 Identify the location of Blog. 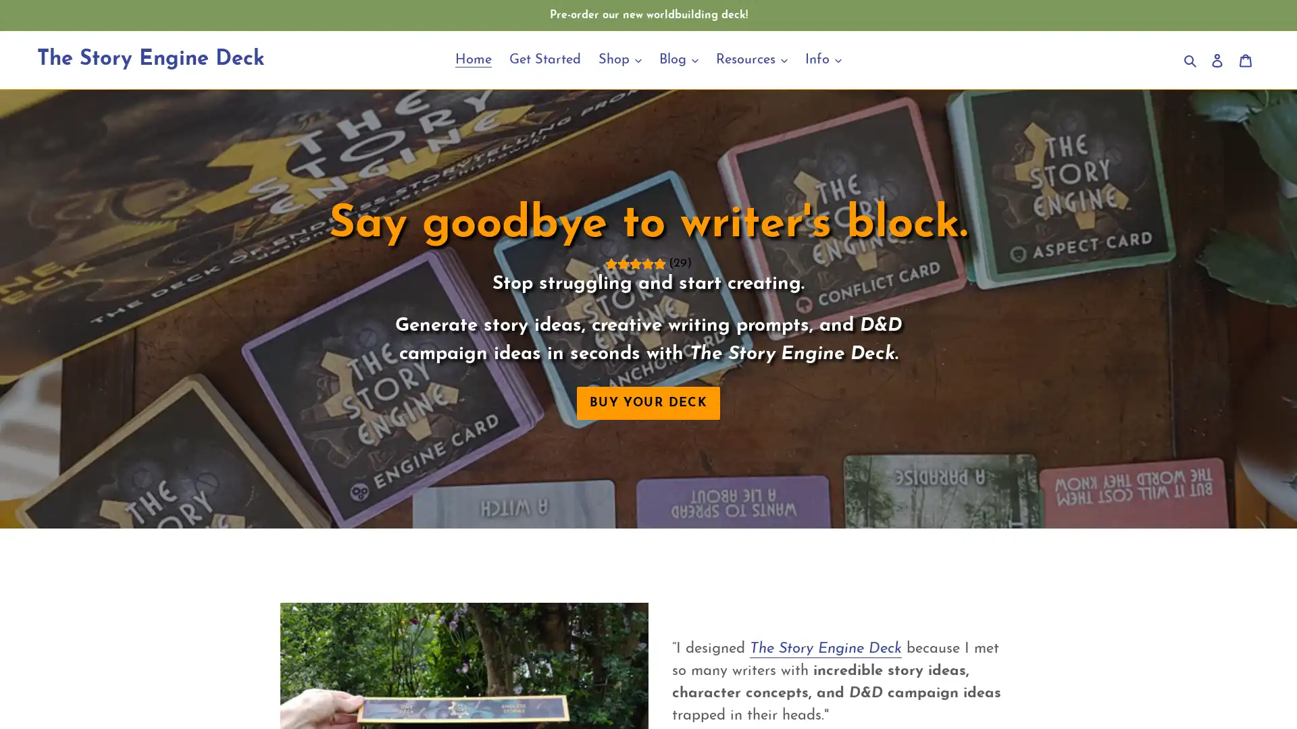
(678, 59).